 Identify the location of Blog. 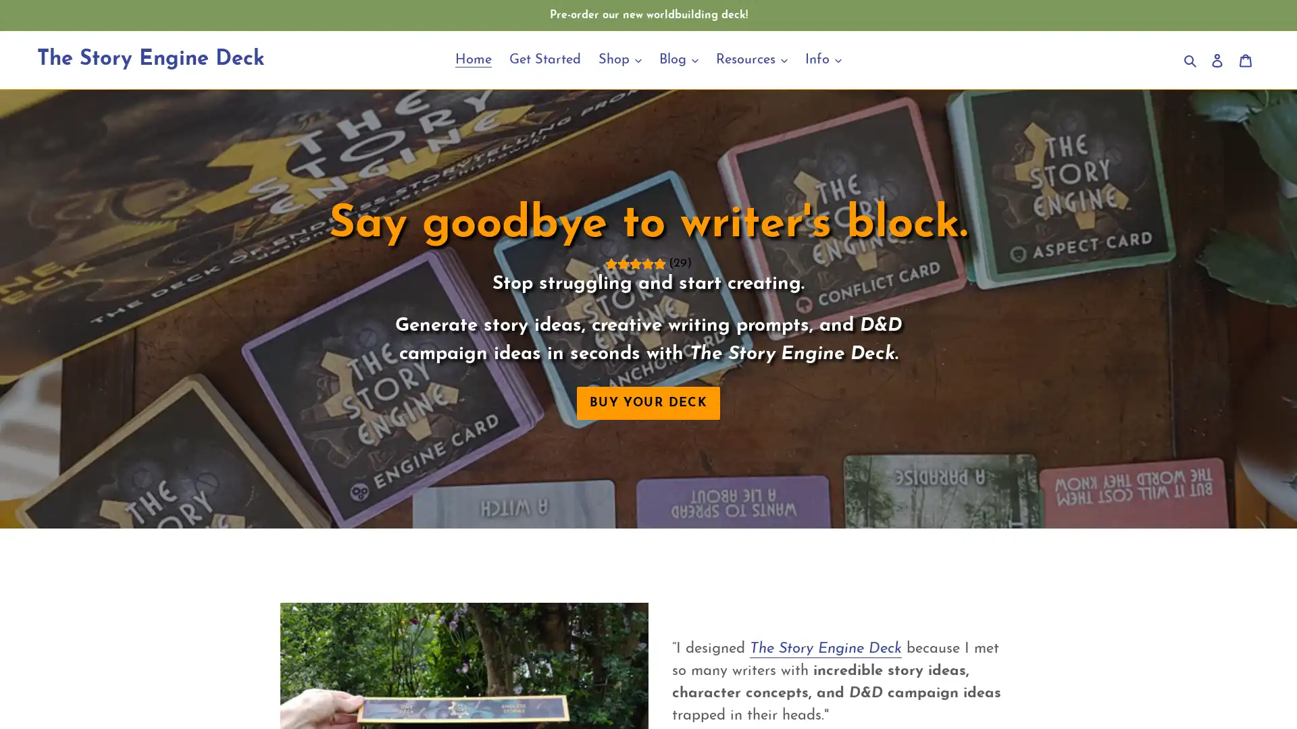
(678, 59).